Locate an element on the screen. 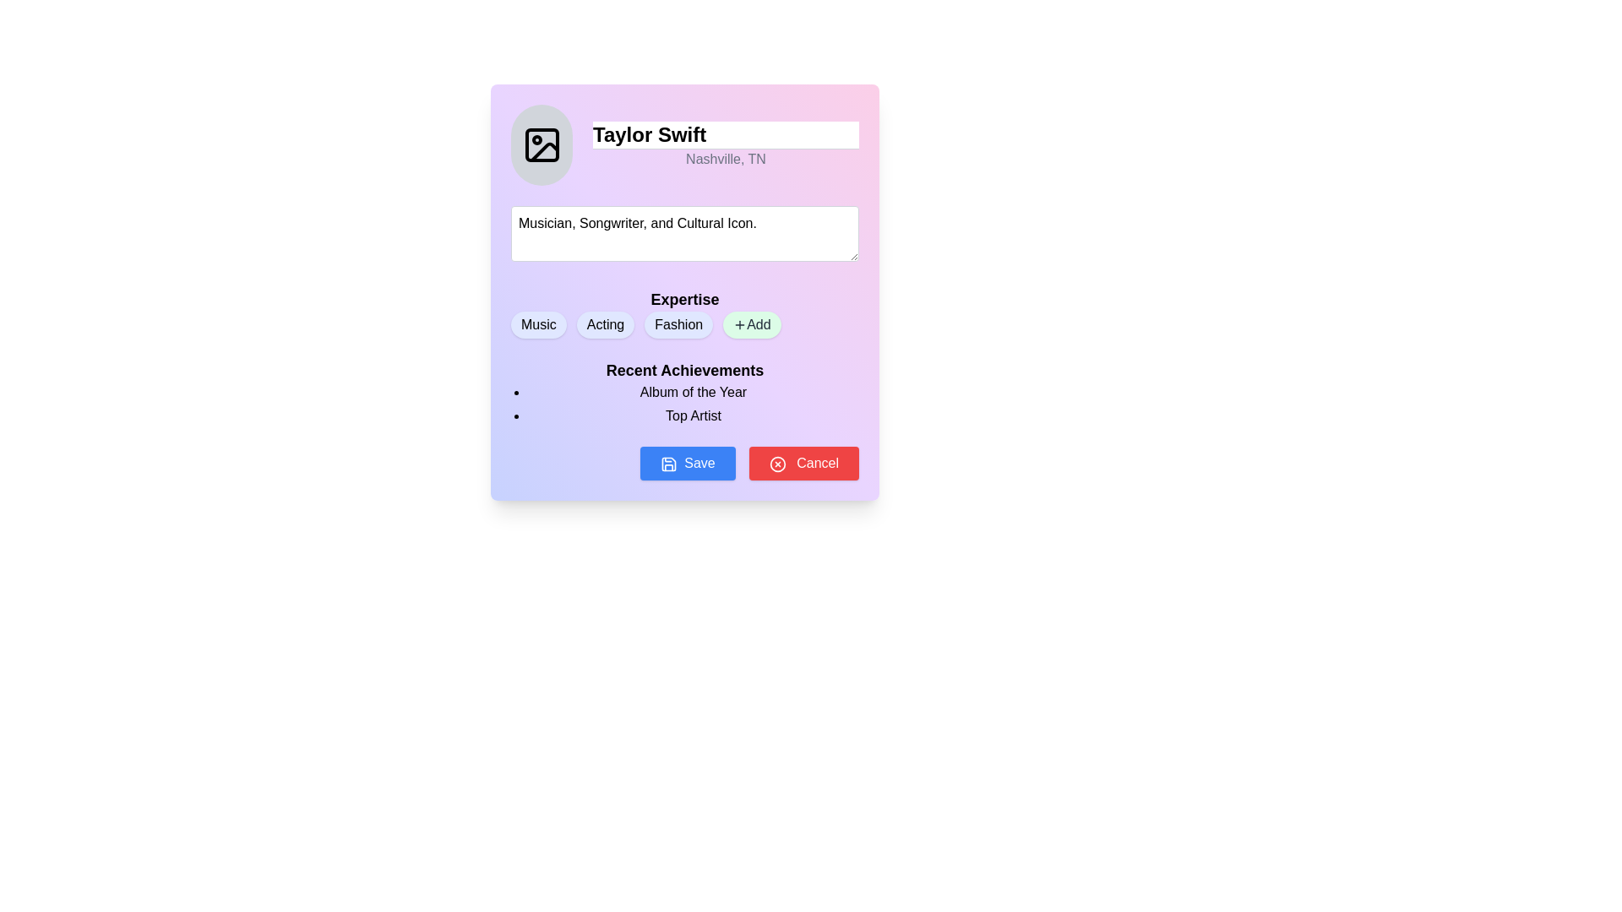 This screenshot has height=912, width=1622. the profile image placeholder icon located within the rounded, gray, circular background at the top-left of the form section is located at coordinates (542, 144).